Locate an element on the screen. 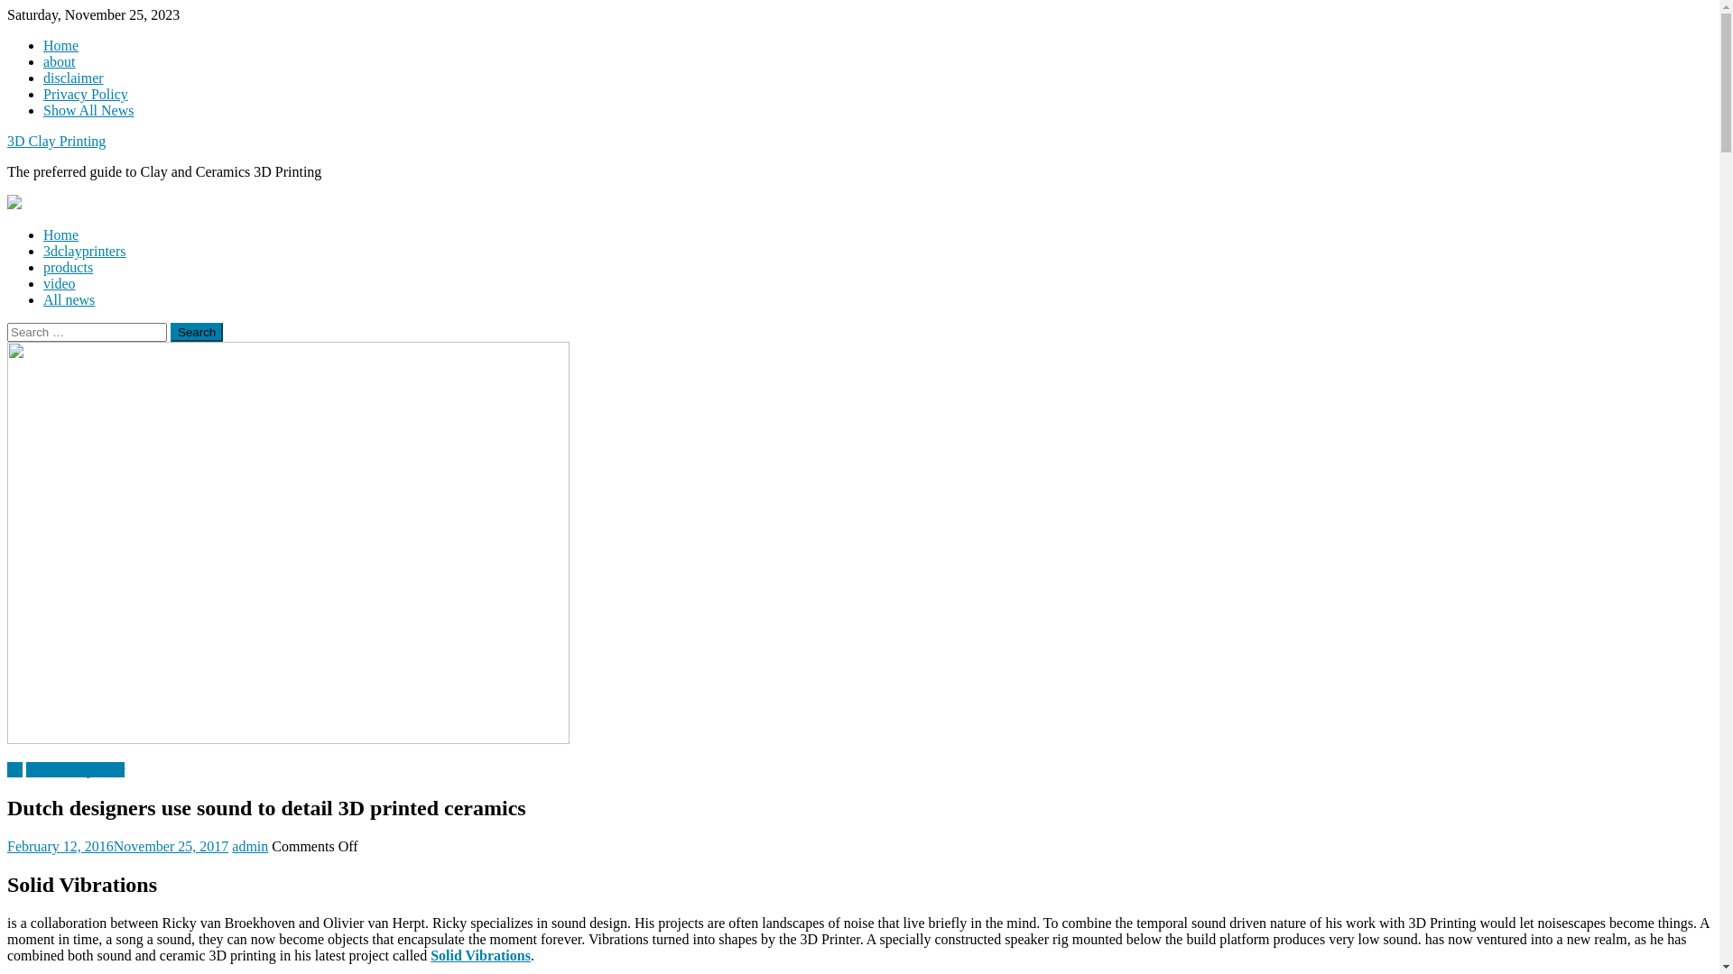 The image size is (1733, 974). 'Privacy Policy' is located at coordinates (43, 94).